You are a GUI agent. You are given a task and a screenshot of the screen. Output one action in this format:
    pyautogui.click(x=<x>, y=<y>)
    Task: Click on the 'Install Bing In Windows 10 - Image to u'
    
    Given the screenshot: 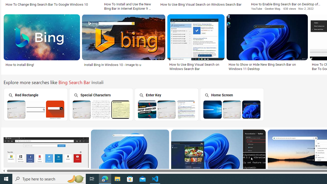 What is the action you would take?
    pyautogui.click(x=123, y=64)
    